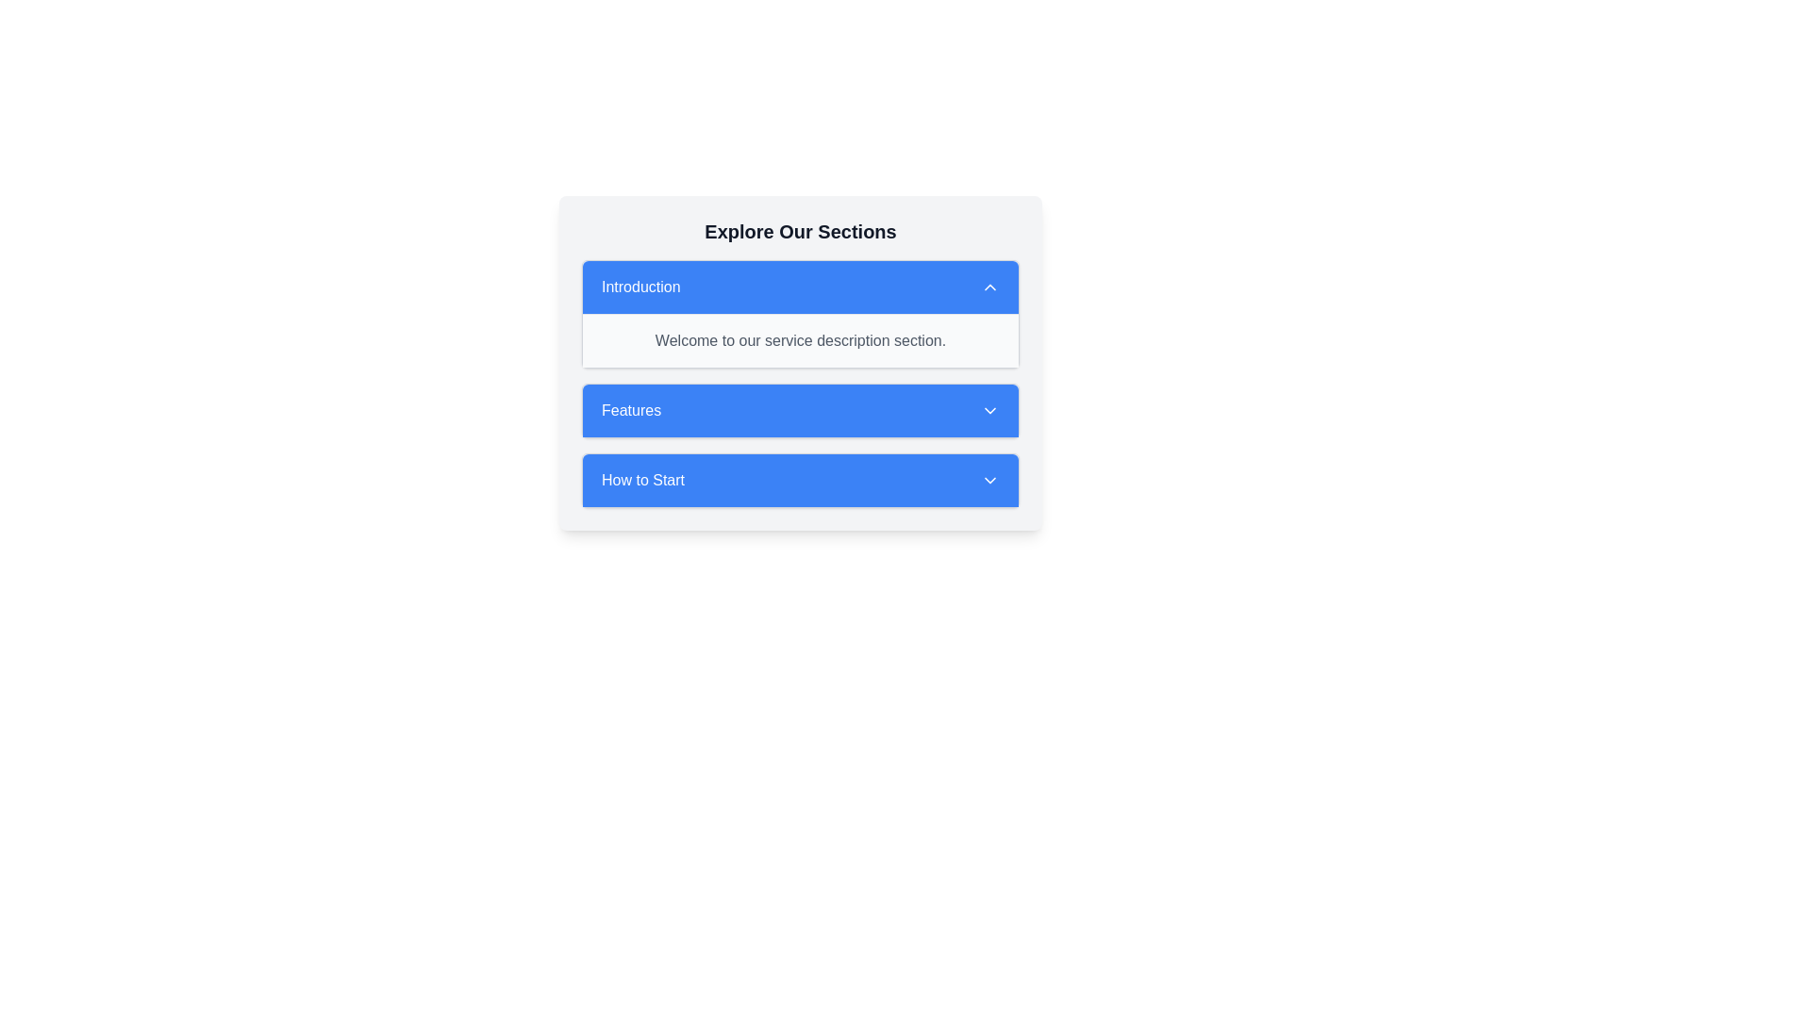 The image size is (1811, 1018). Describe the element at coordinates (801, 340) in the screenshot. I see `the text display area that reads 'Welcome to our service description section.' It is styled with a light gray background and dark gray font, located below the 'Introduction' title row` at that location.